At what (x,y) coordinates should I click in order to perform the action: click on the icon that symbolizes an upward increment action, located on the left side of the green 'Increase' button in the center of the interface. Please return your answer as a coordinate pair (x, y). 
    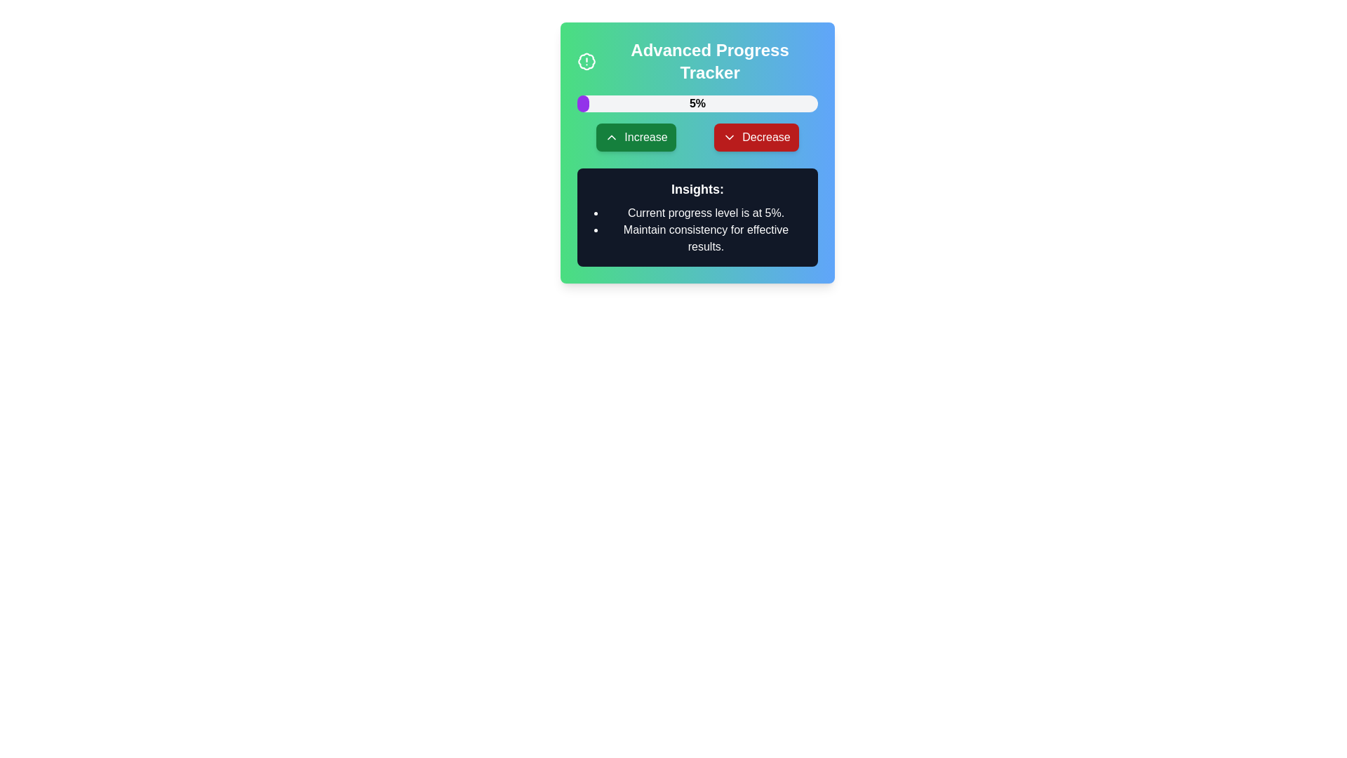
    Looking at the image, I should click on (612, 138).